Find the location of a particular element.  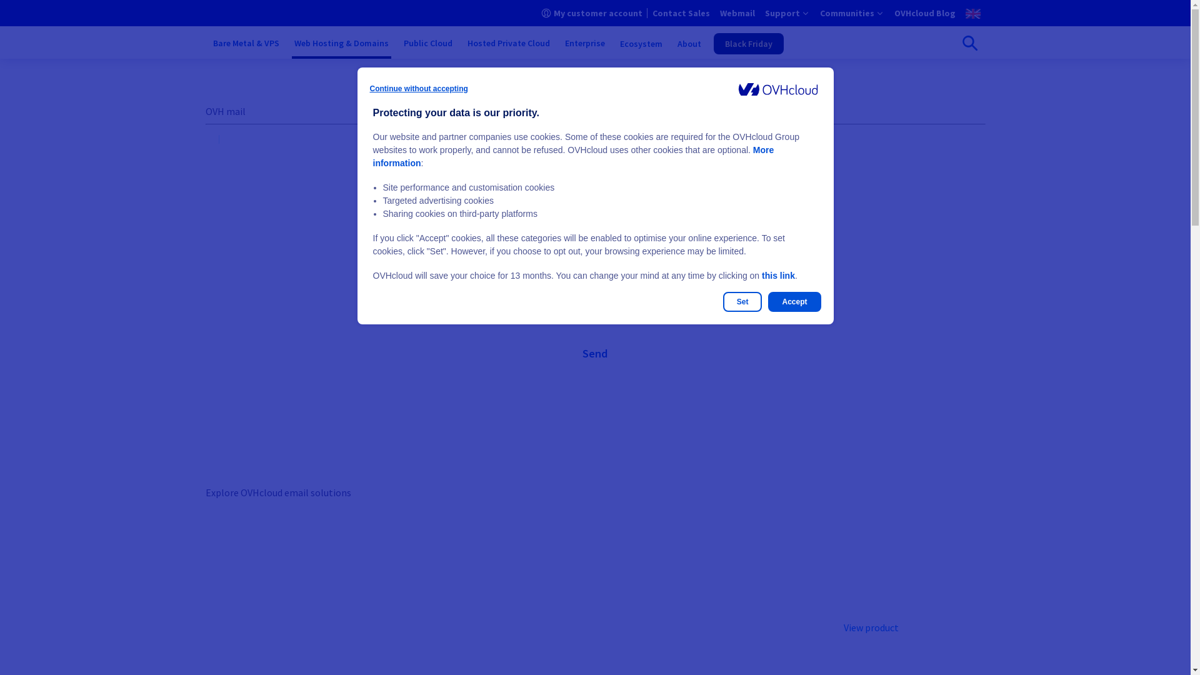

'View product' is located at coordinates (870, 627).